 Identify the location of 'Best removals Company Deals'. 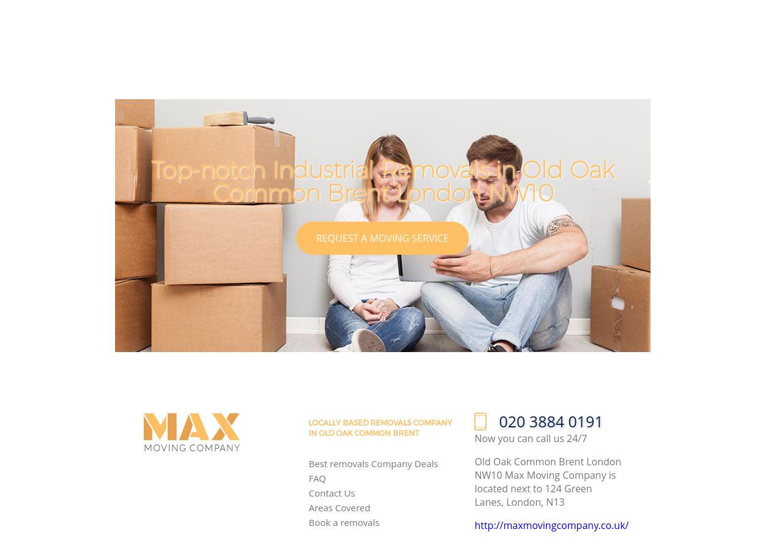
(372, 462).